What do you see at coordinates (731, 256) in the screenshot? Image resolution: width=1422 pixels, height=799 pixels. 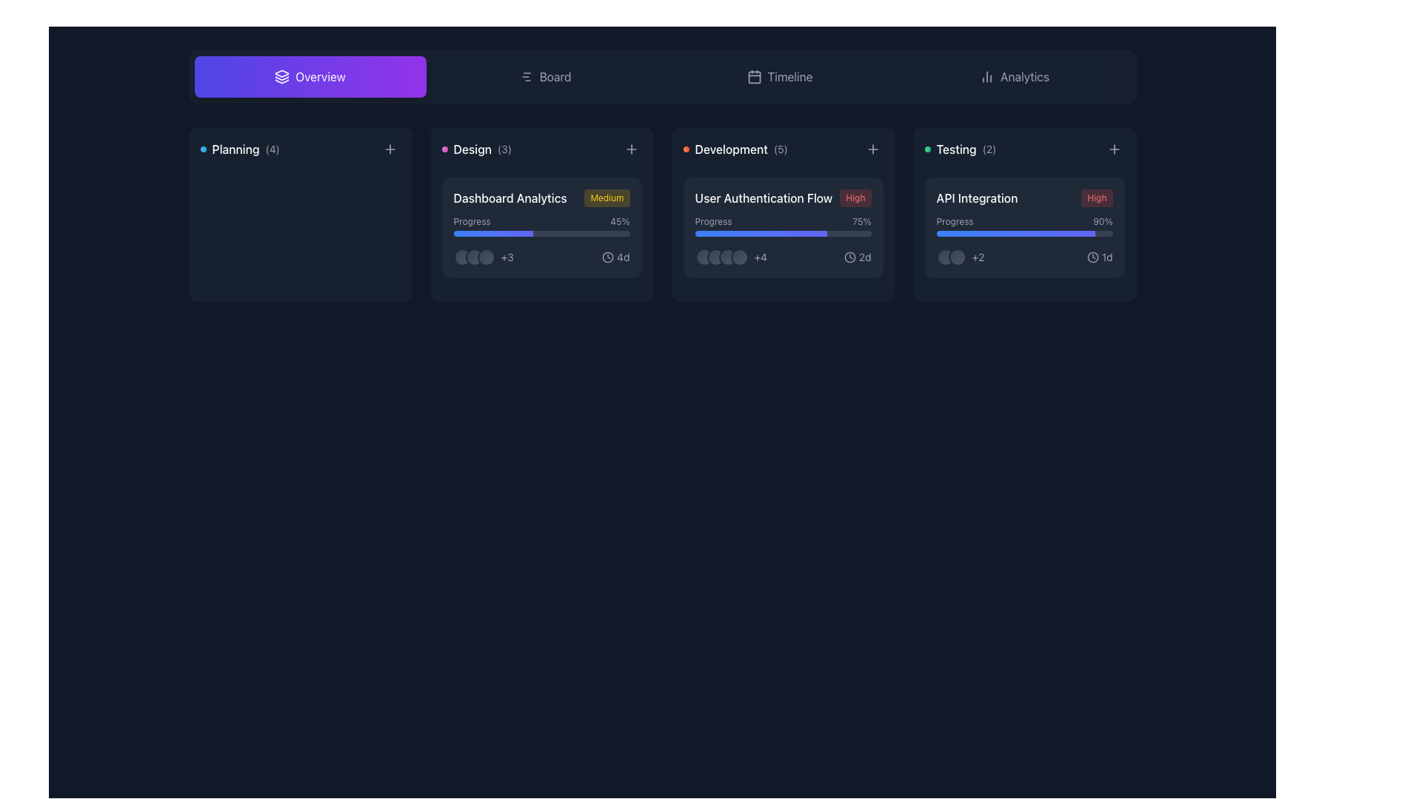 I see `the numeric indicator displaying the additional count (+4) located within the 'Development' card, positioned to the right of the avatars and below the progress bar` at bounding box center [731, 256].